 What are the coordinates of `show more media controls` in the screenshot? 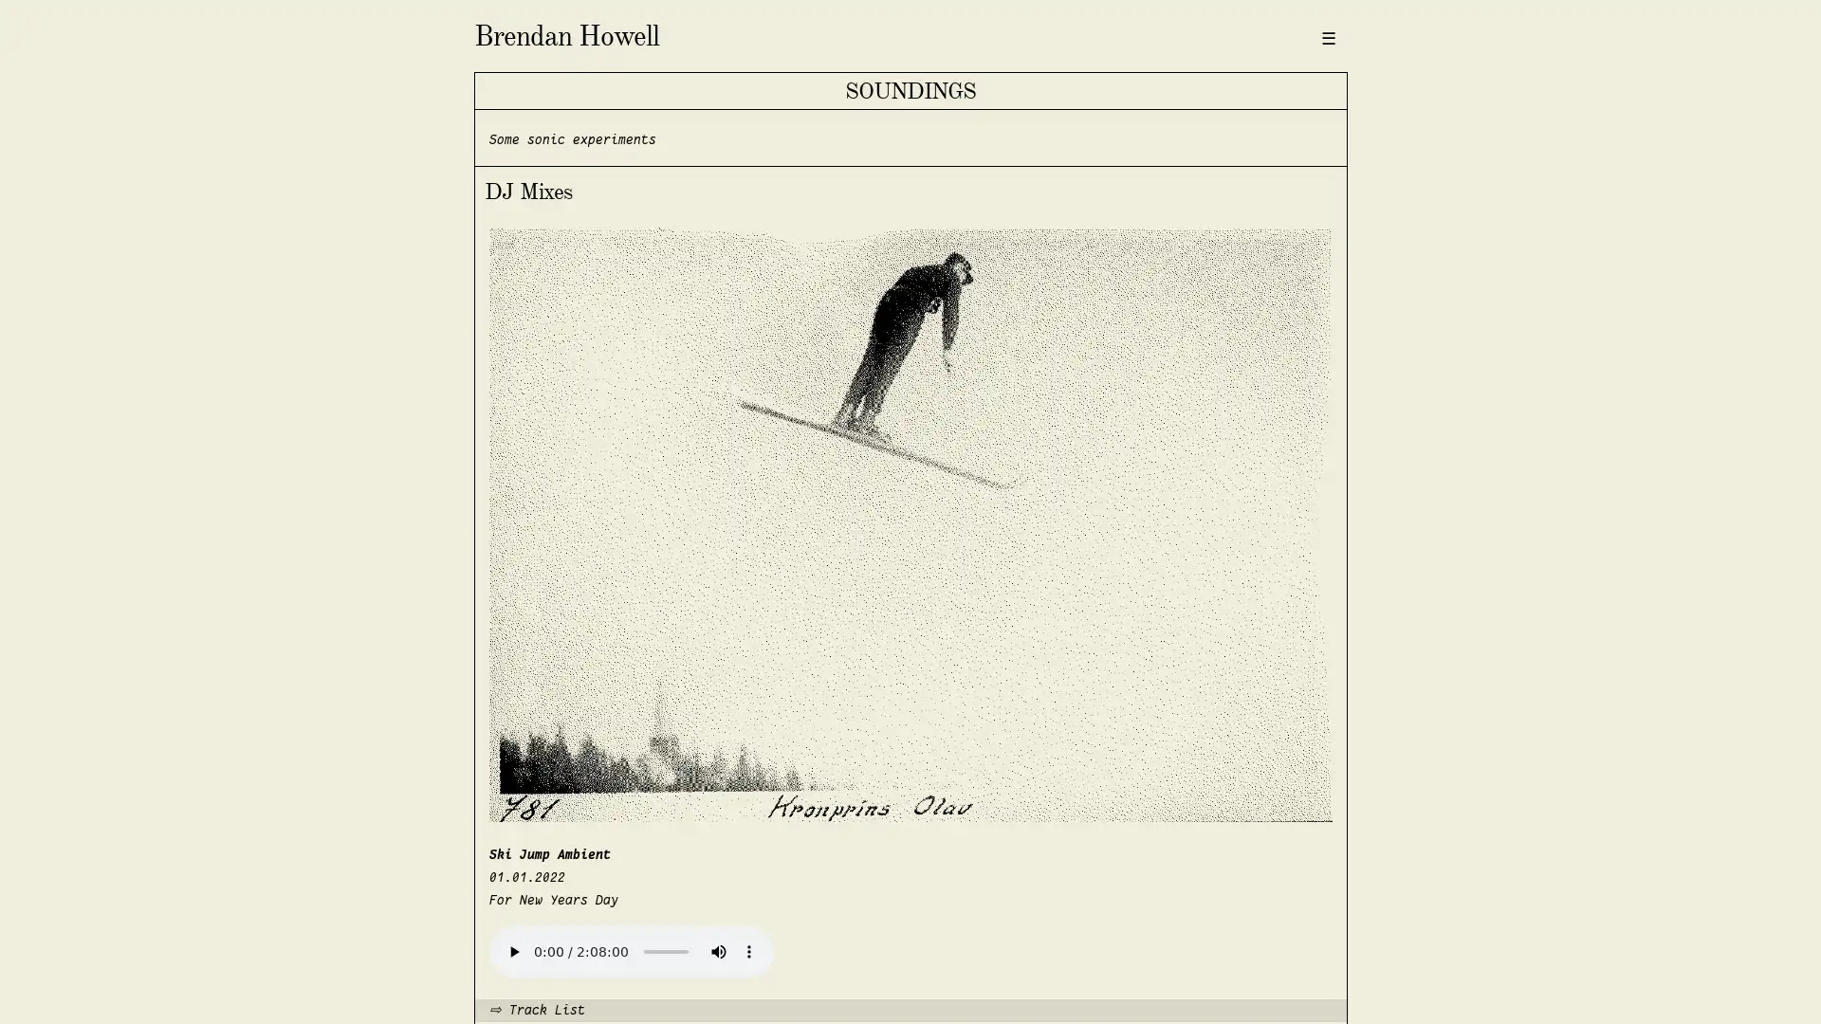 It's located at (746, 950).